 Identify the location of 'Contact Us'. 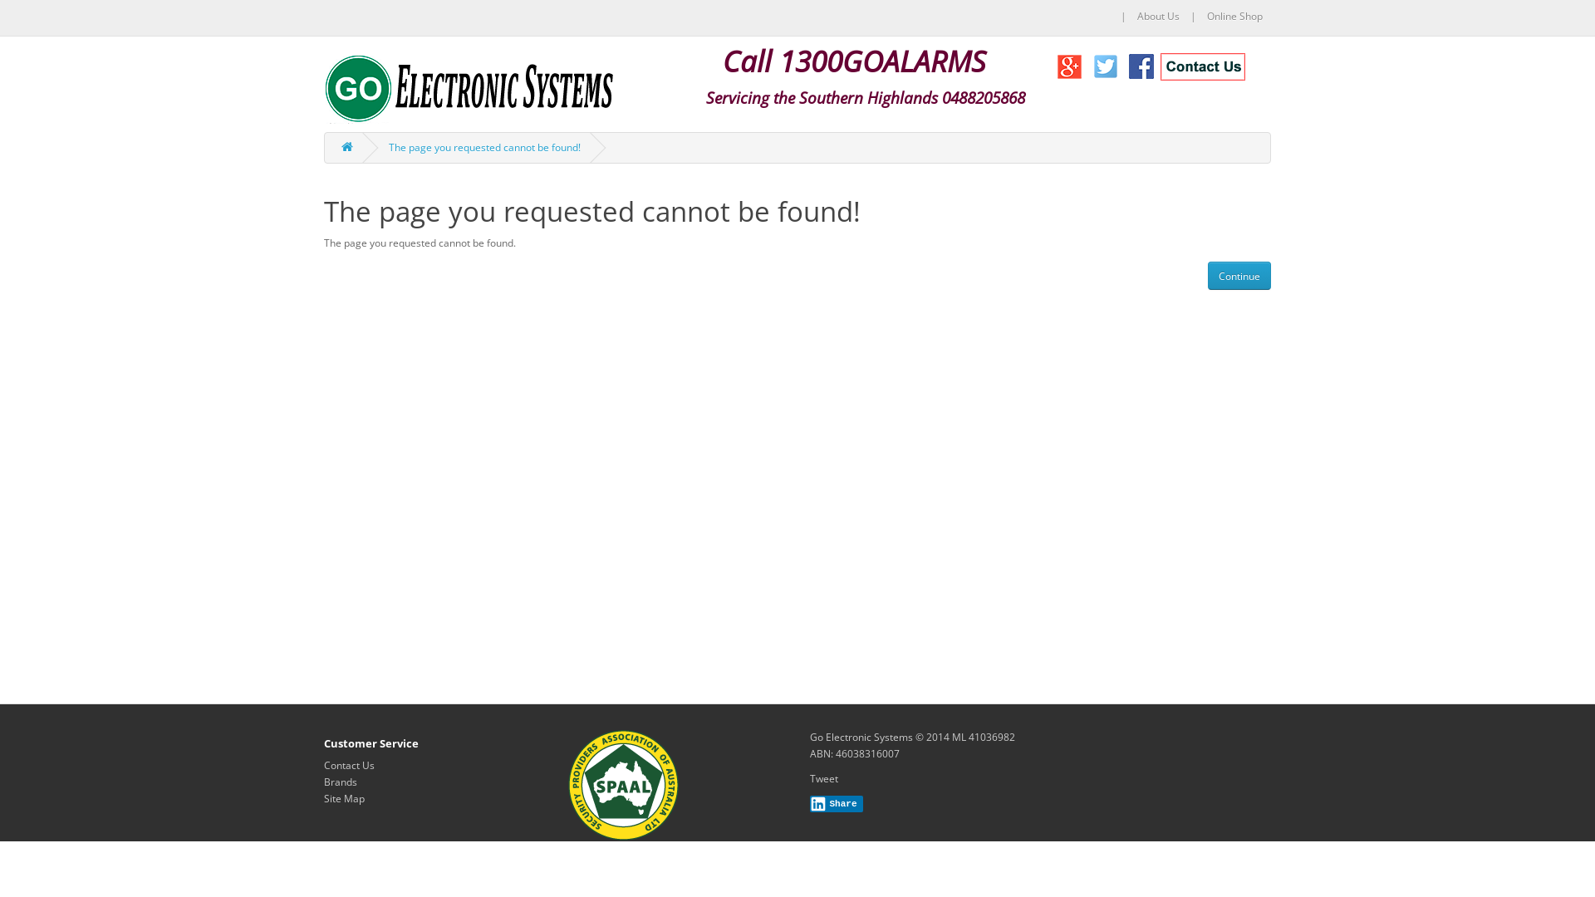
(348, 765).